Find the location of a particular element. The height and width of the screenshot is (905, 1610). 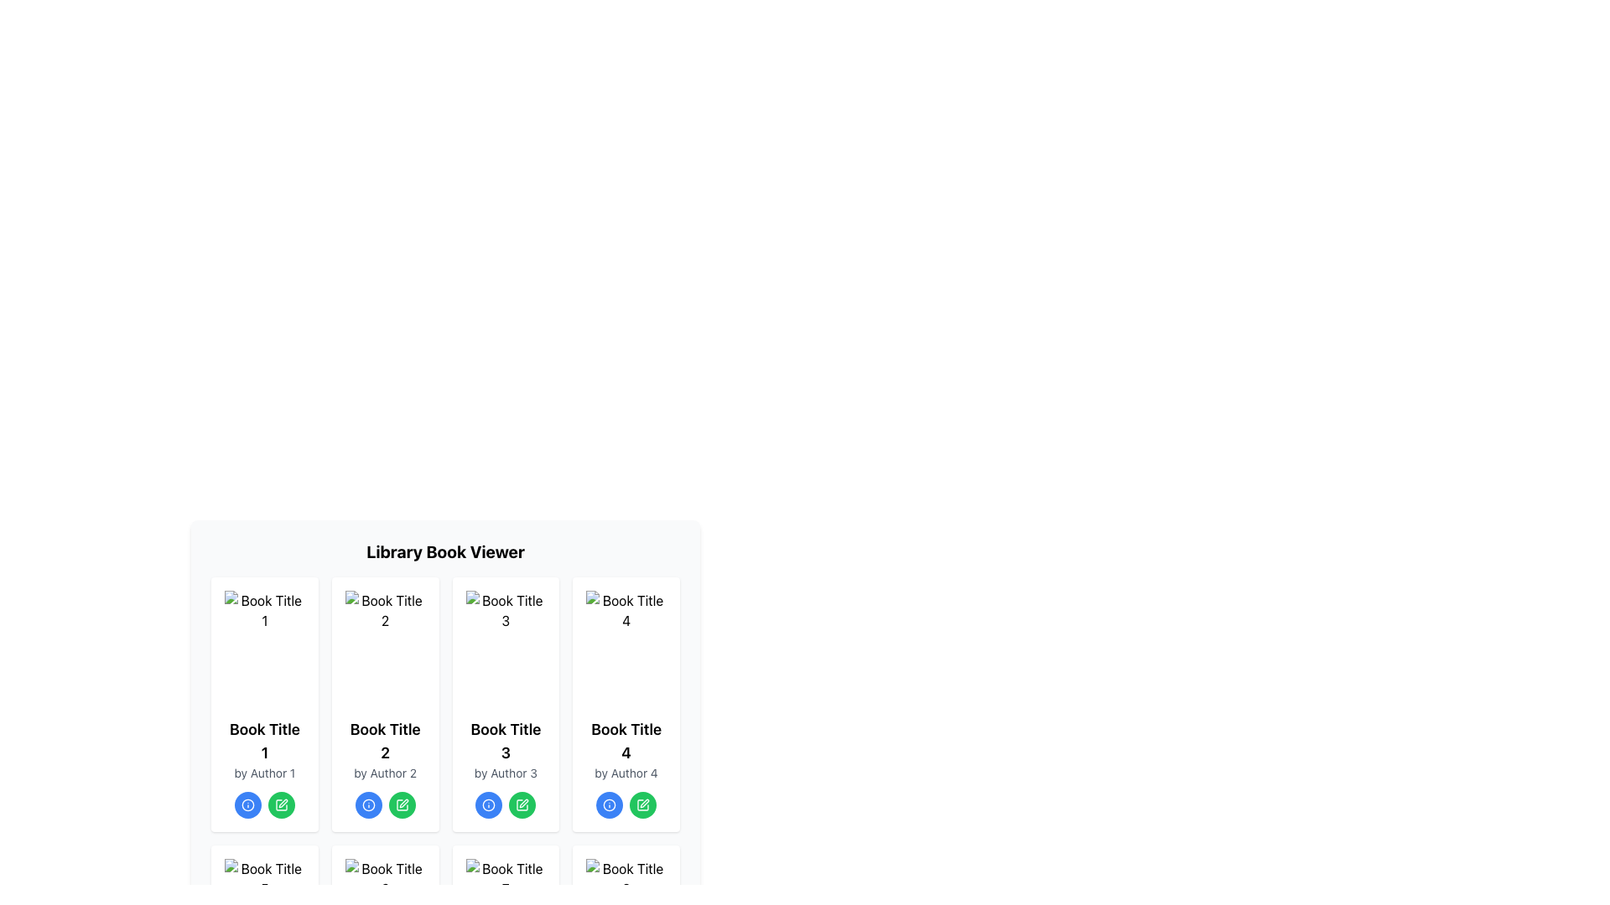

the text block titled 'Book Title 1', which is bold and larger in font size, located below the book cover image in the first card of the book cards grid is located at coordinates (263, 740).